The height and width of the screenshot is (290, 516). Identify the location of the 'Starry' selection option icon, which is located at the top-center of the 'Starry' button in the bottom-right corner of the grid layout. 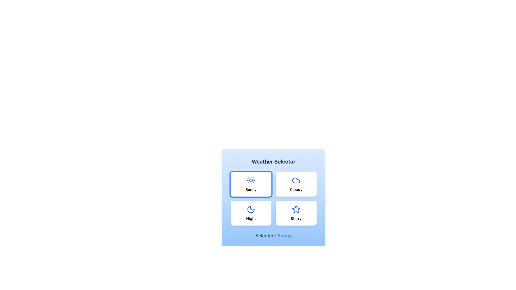
(296, 209).